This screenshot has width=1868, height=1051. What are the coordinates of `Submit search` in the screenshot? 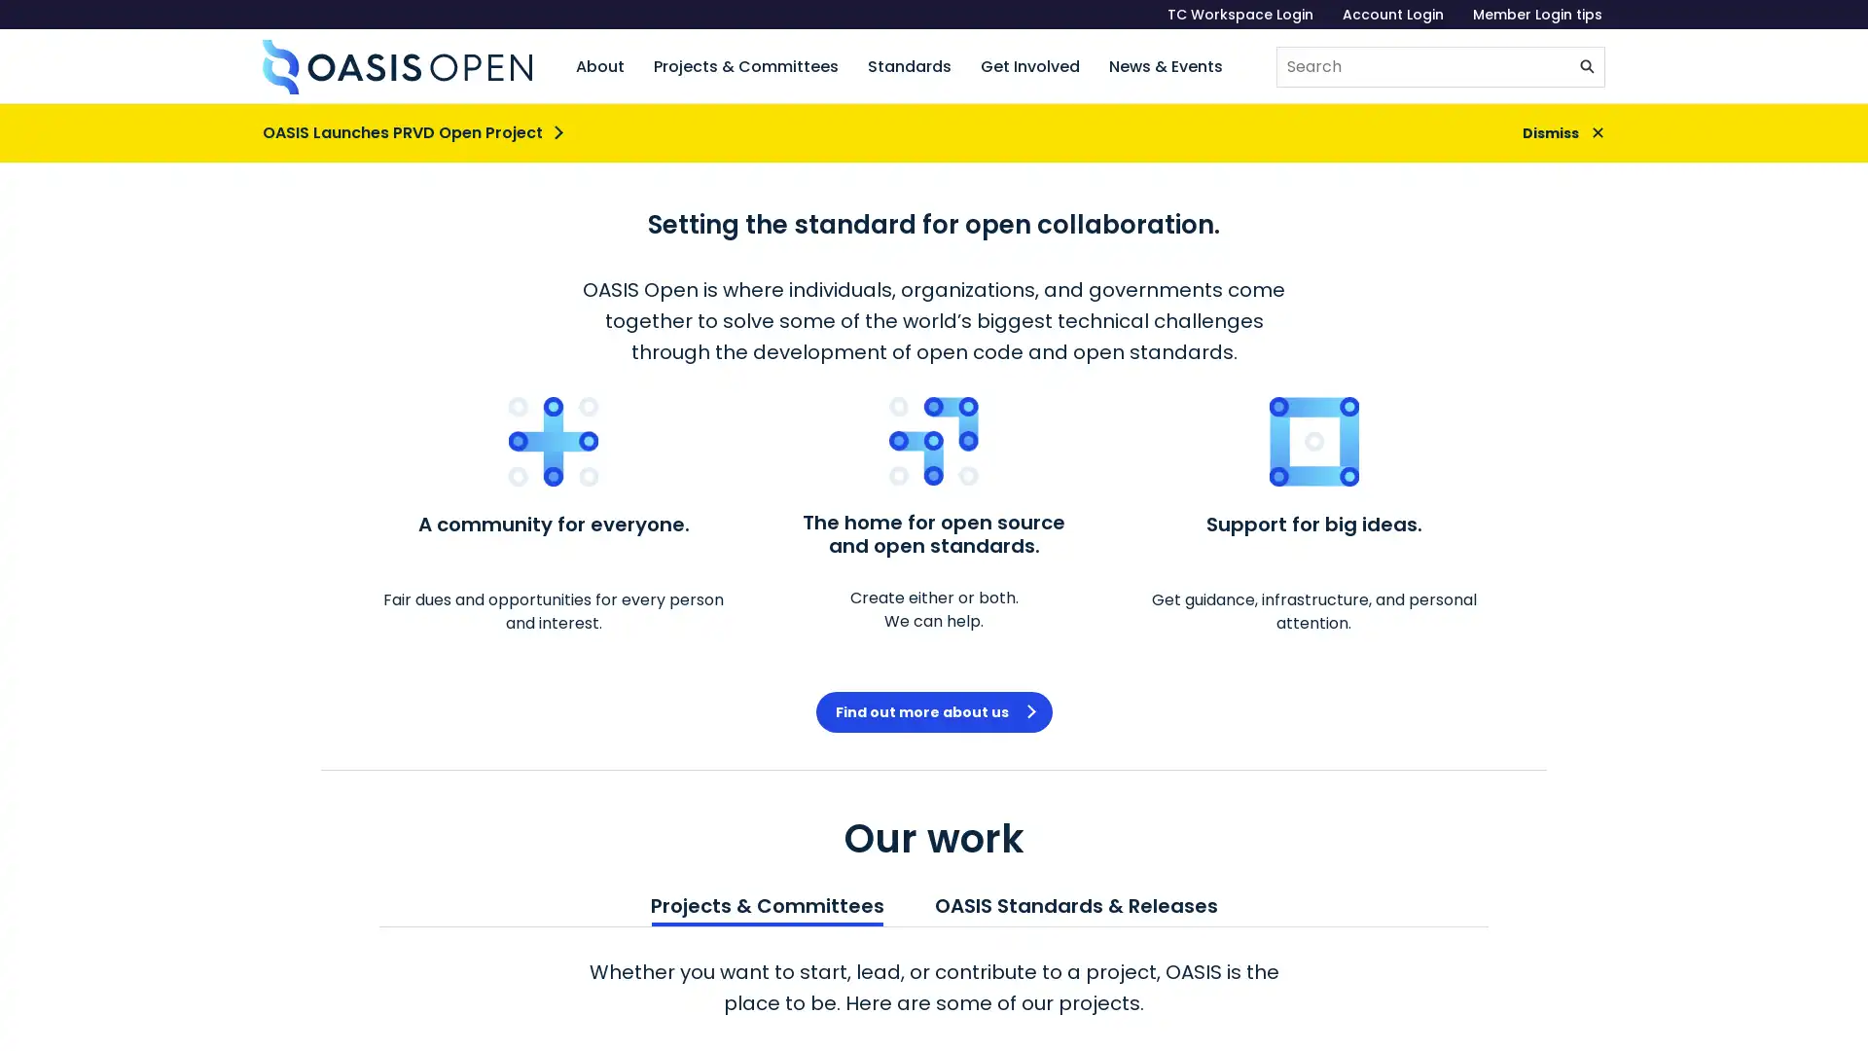 It's located at (1588, 66).